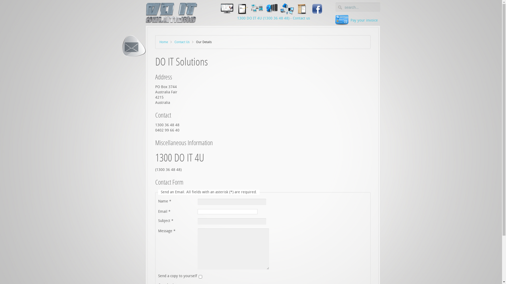  Describe the element at coordinates (273, 18) in the screenshot. I see `'1300 DO IT 4U (1300 36 48 48) - Contact us'` at that location.